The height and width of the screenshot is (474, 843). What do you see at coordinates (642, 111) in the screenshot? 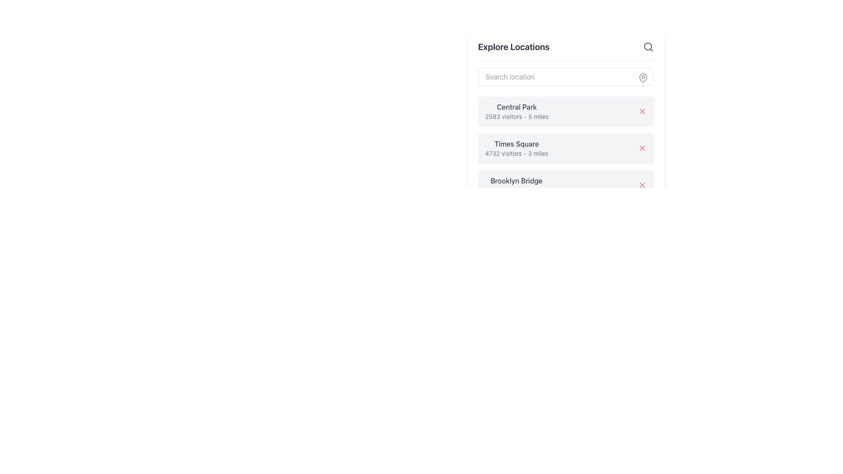
I see `the close or delete button styled as an 'X' icon` at bounding box center [642, 111].